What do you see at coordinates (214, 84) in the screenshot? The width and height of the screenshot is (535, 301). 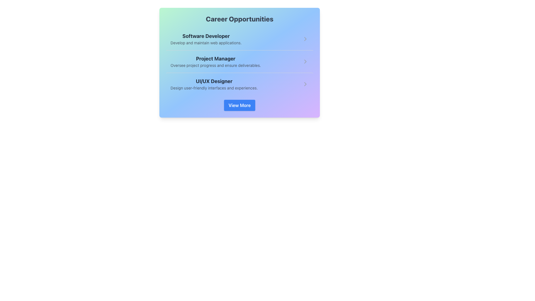 I see `the Text Content Block displaying 'UI/UX Designer' and 'Design user-friendly interfaces and experiences.'` at bounding box center [214, 84].